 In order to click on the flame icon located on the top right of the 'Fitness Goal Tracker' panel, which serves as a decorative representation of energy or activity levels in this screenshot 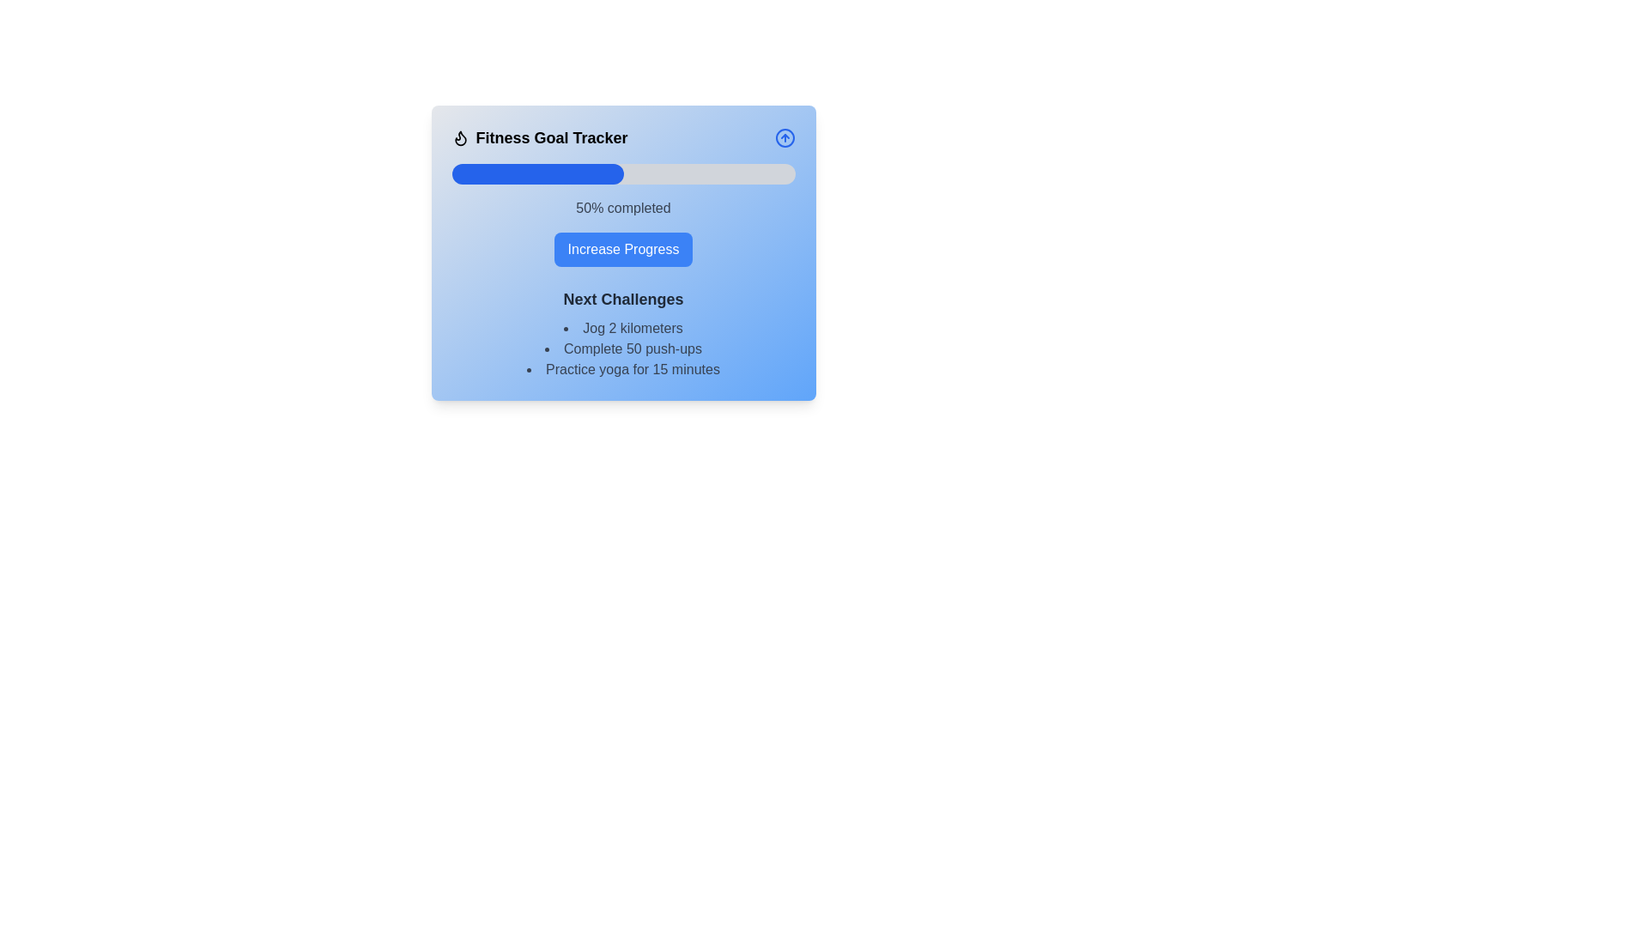, I will do `click(460, 137)`.